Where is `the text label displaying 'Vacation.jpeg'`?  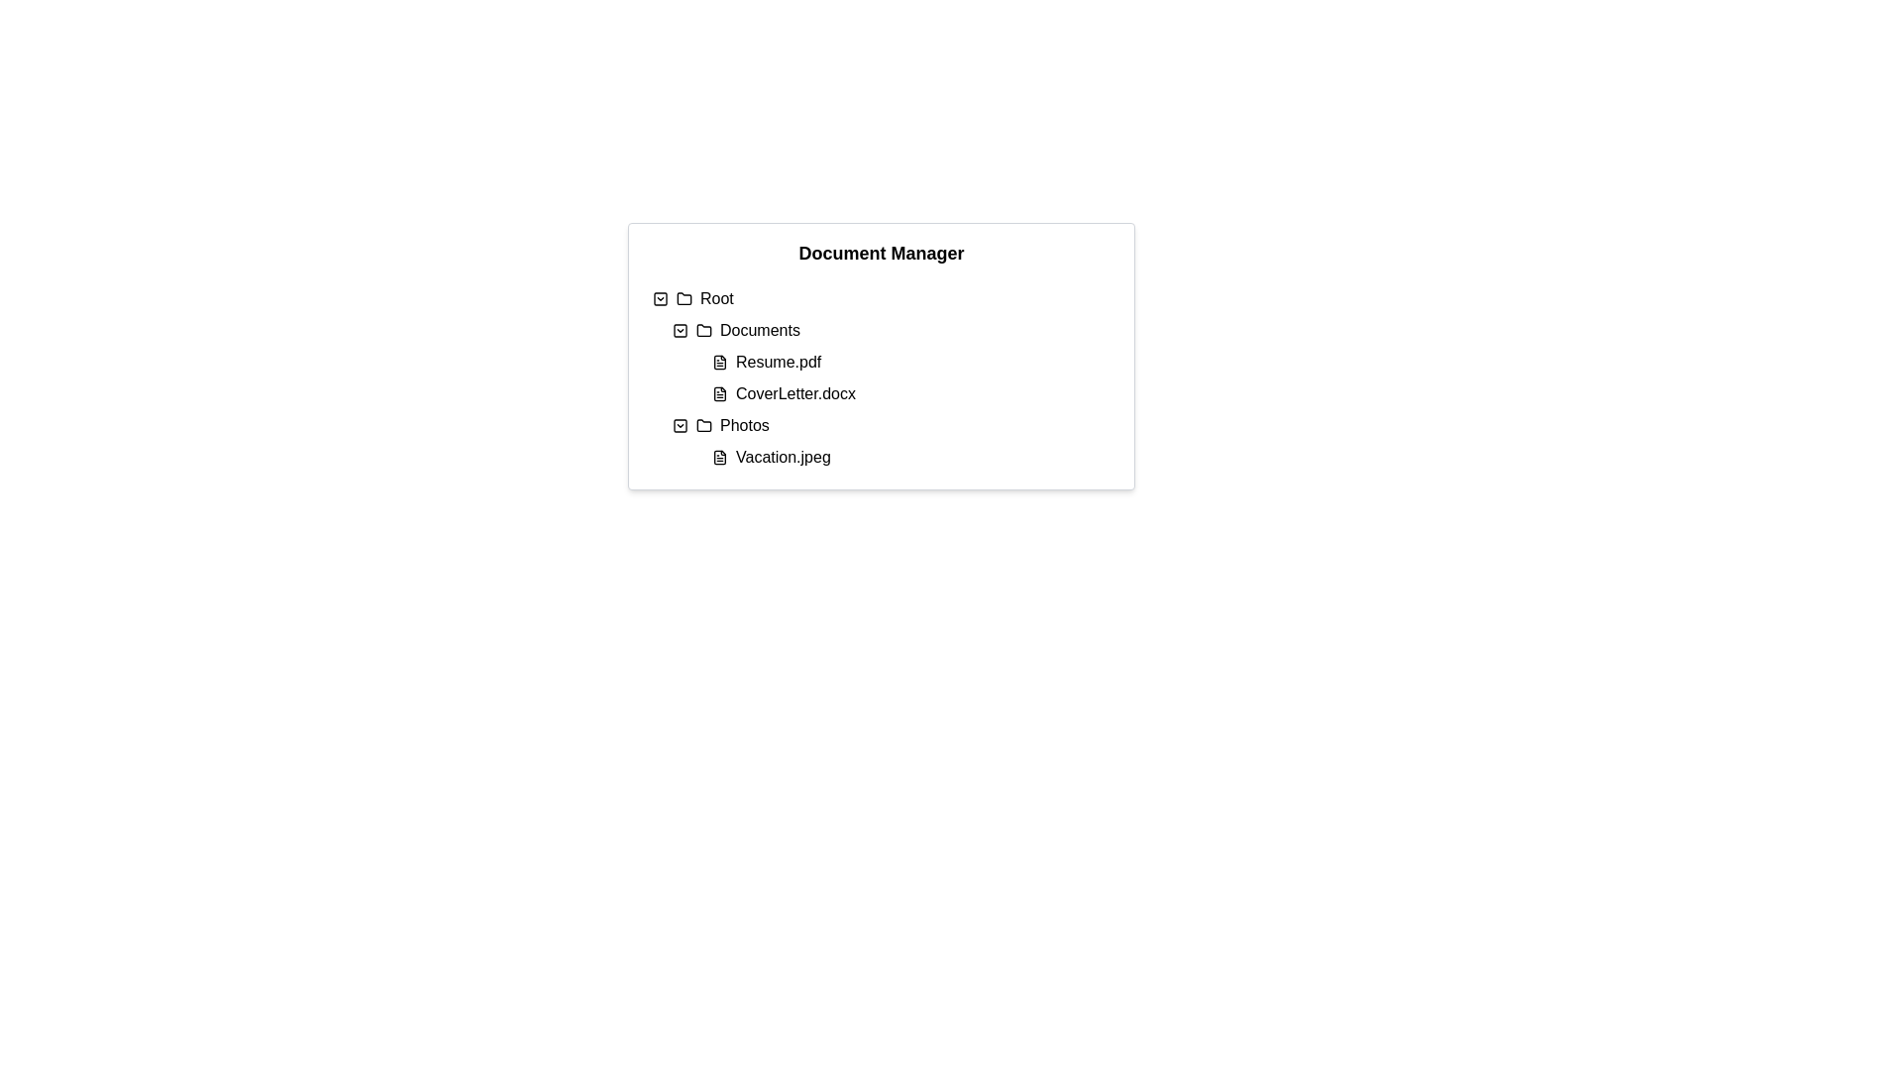
the text label displaying 'Vacation.jpeg' is located at coordinates (782, 458).